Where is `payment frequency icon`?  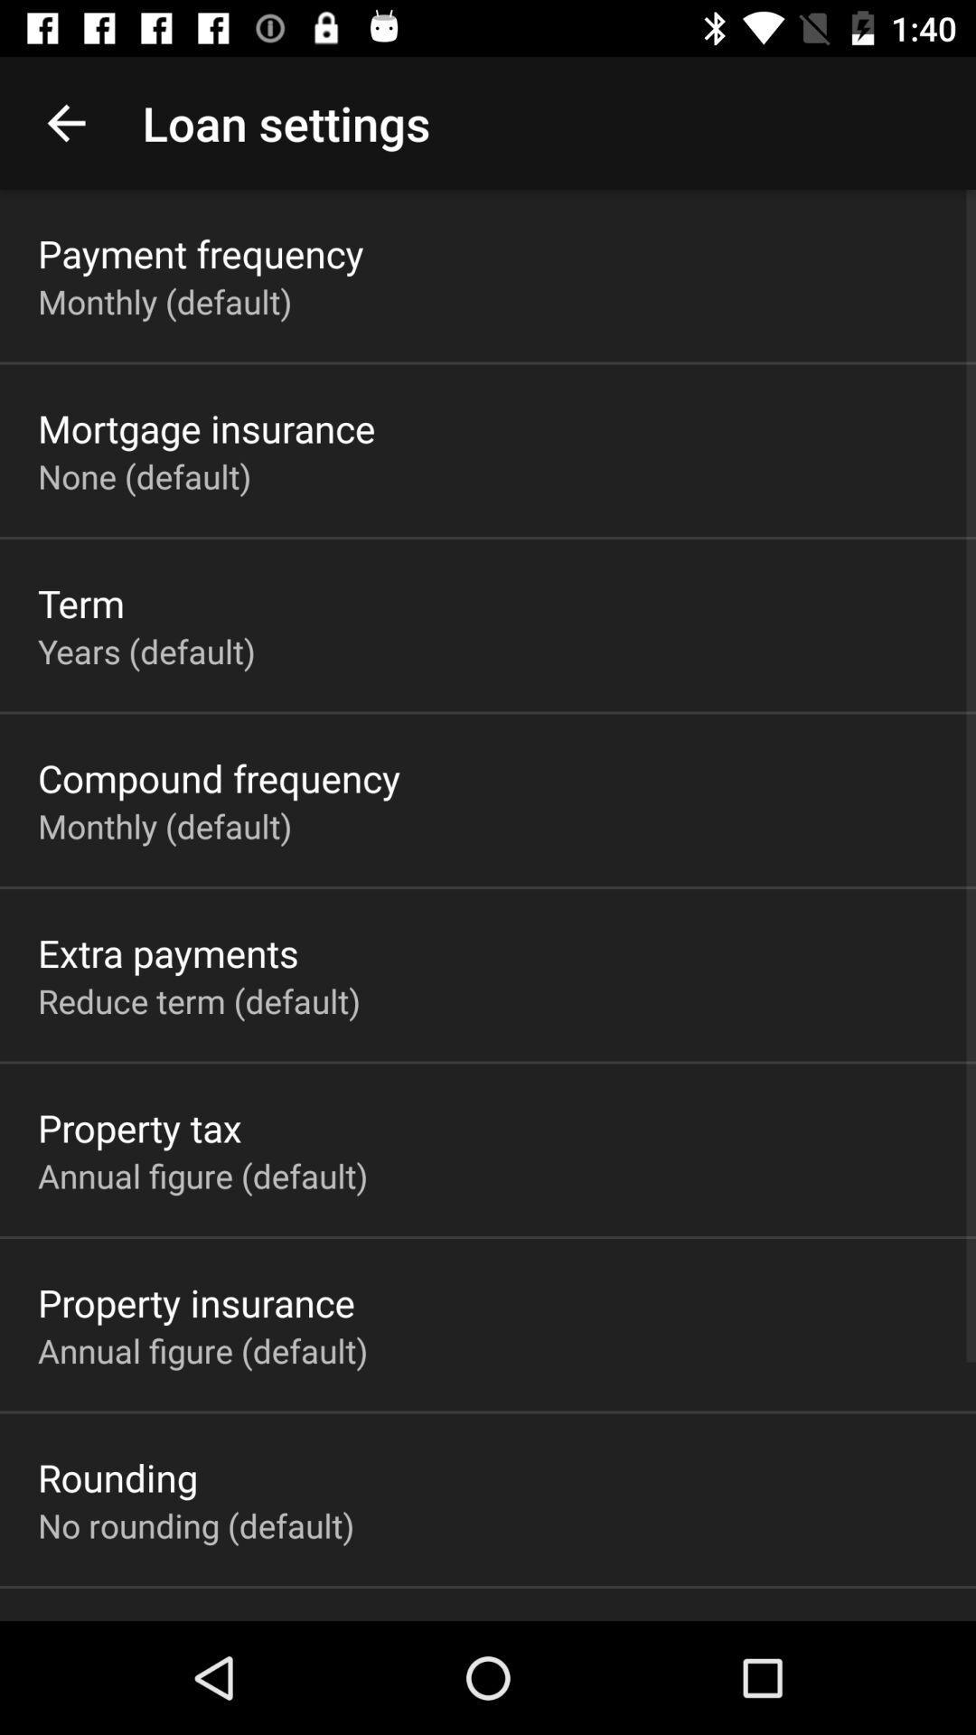 payment frequency icon is located at coordinates (201, 252).